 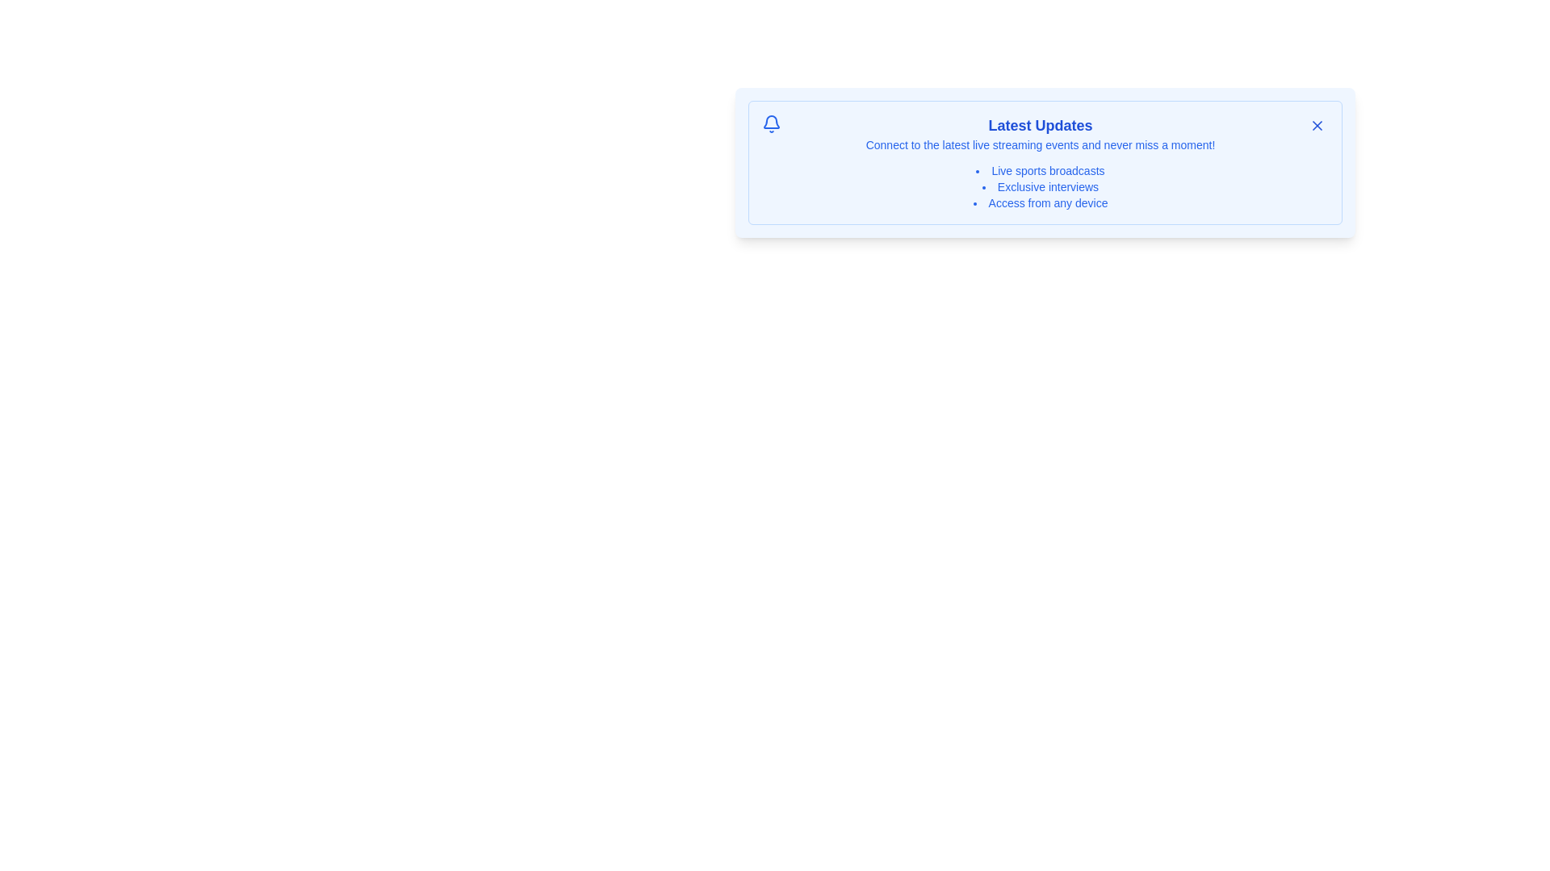 I want to click on the bell icon to emphasize its visual importance, so click(x=770, y=123).